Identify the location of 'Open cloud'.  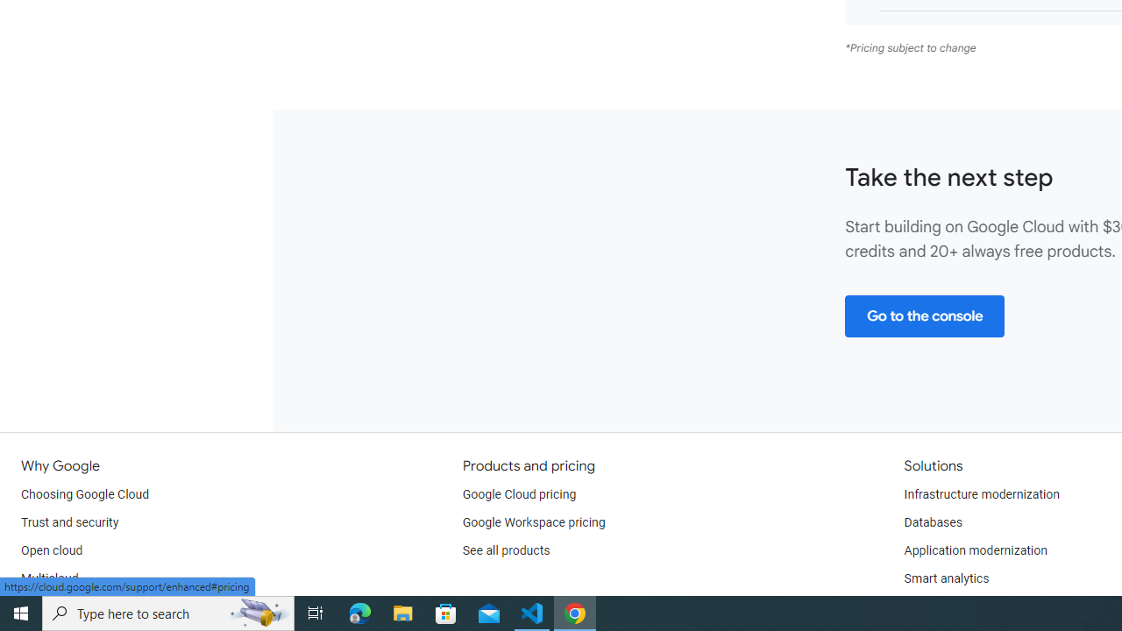
(52, 549).